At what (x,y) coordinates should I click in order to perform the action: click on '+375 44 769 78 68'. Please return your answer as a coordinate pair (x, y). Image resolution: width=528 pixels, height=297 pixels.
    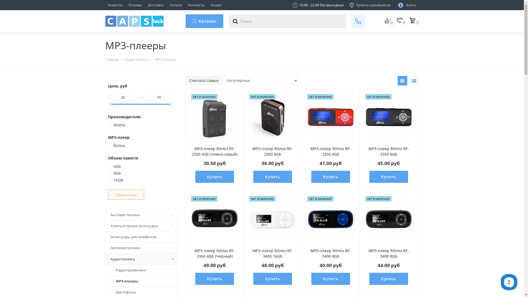
    Looking at the image, I should click on (354, 13).